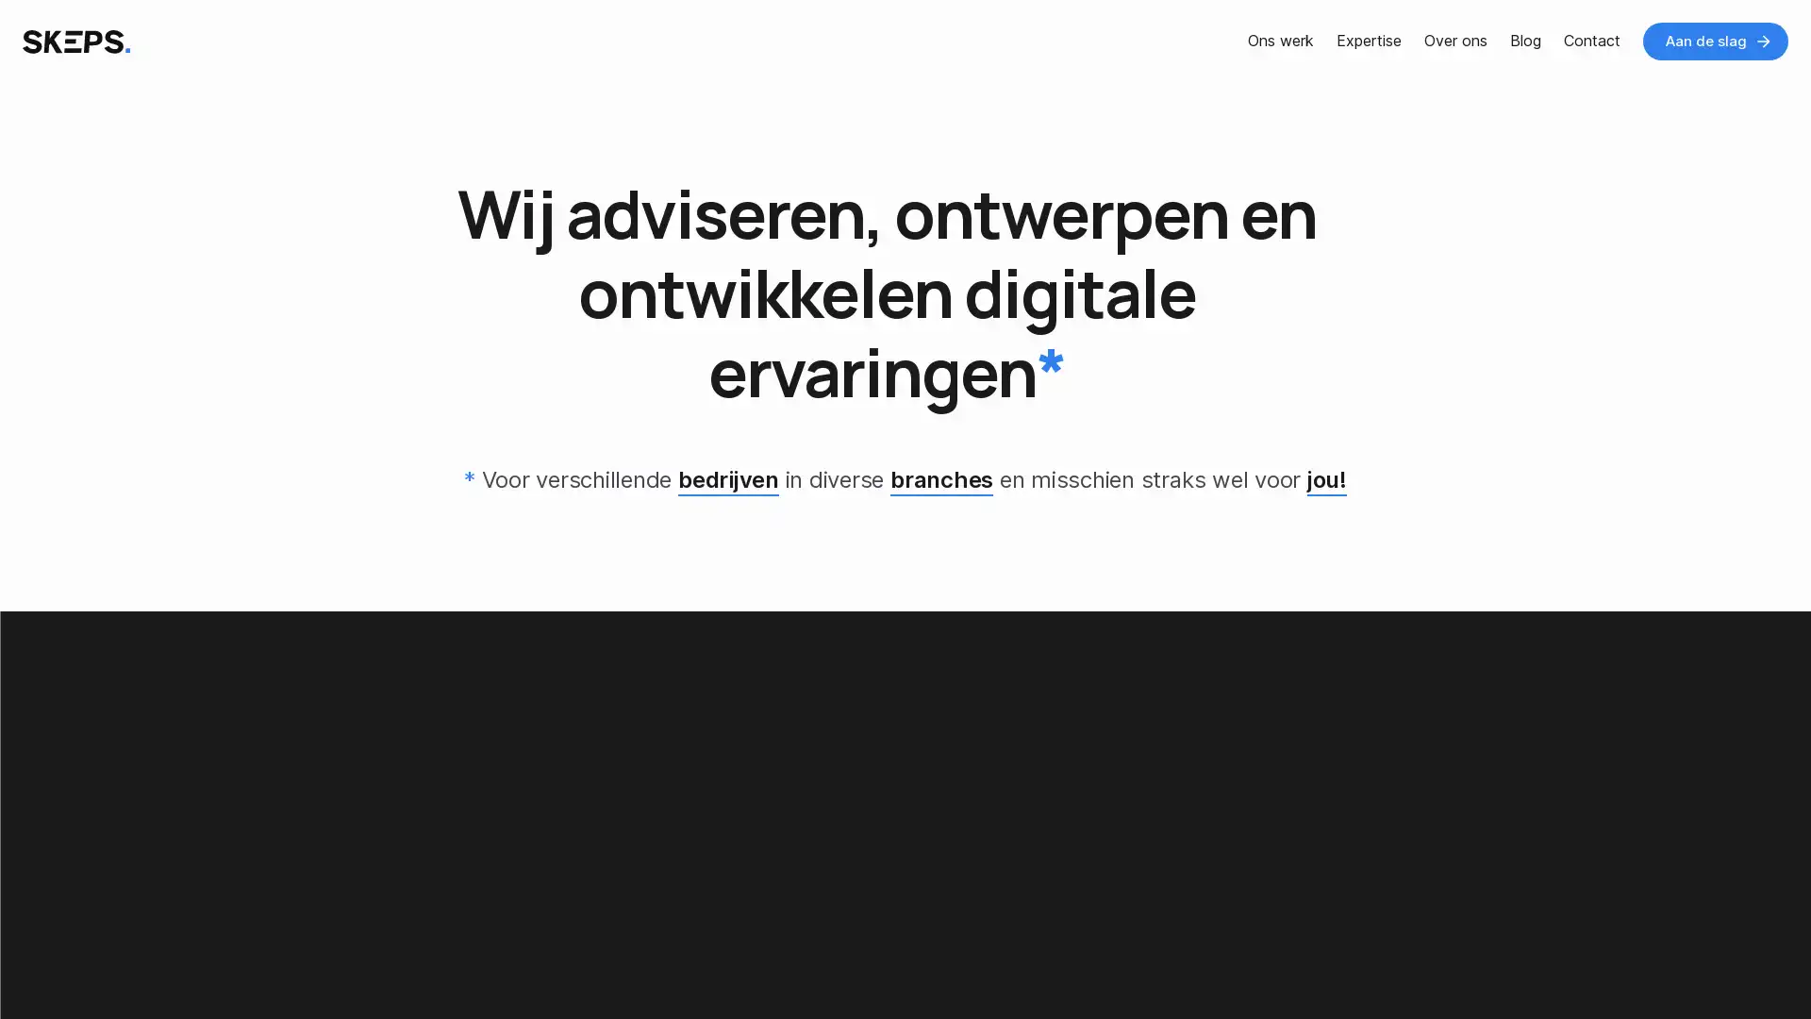 This screenshot has width=1811, height=1019. I want to click on Aan de slag, so click(1716, 41).